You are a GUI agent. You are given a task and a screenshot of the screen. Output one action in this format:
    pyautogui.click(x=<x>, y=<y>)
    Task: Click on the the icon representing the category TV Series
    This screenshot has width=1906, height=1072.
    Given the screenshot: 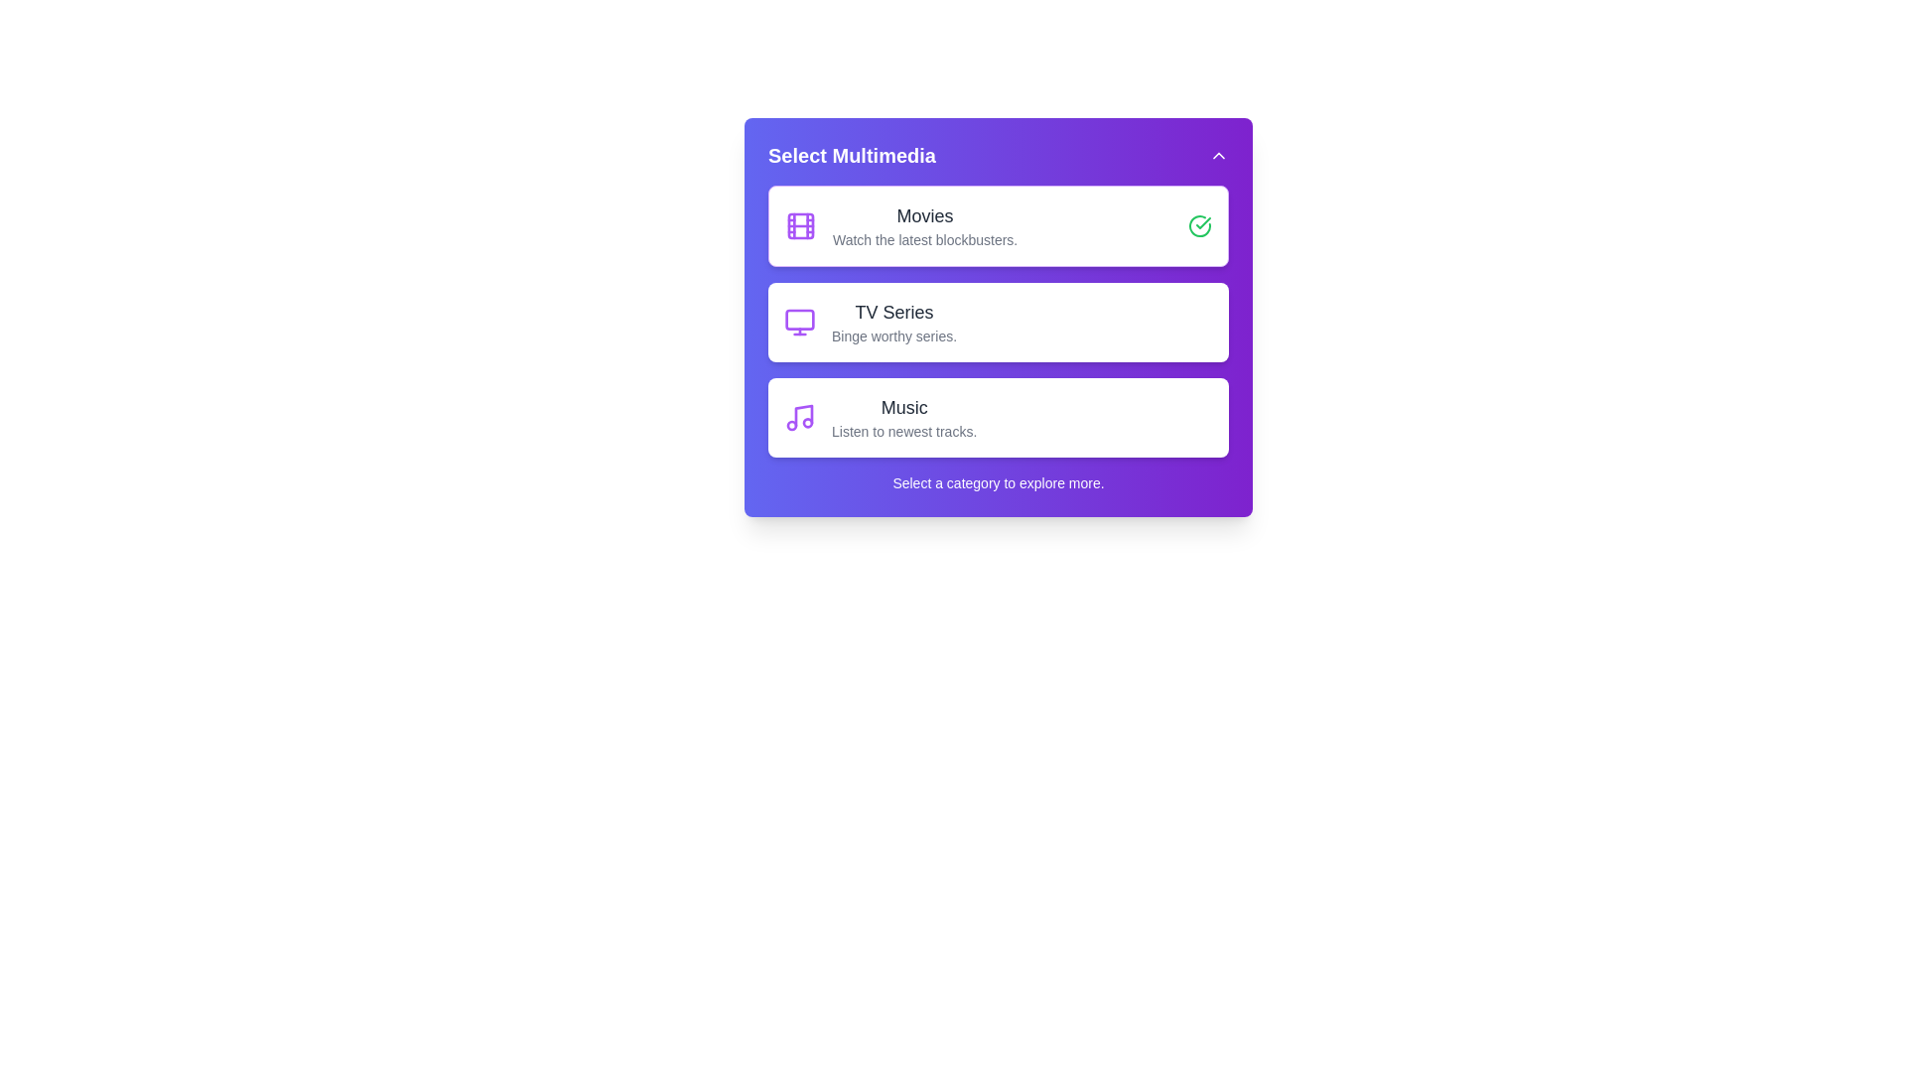 What is the action you would take?
    pyautogui.click(x=800, y=321)
    